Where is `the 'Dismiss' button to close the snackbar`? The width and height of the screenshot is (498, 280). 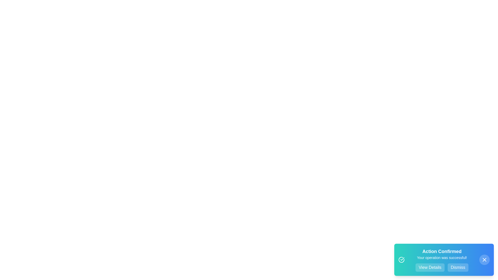 the 'Dismiss' button to close the snackbar is located at coordinates (458, 268).